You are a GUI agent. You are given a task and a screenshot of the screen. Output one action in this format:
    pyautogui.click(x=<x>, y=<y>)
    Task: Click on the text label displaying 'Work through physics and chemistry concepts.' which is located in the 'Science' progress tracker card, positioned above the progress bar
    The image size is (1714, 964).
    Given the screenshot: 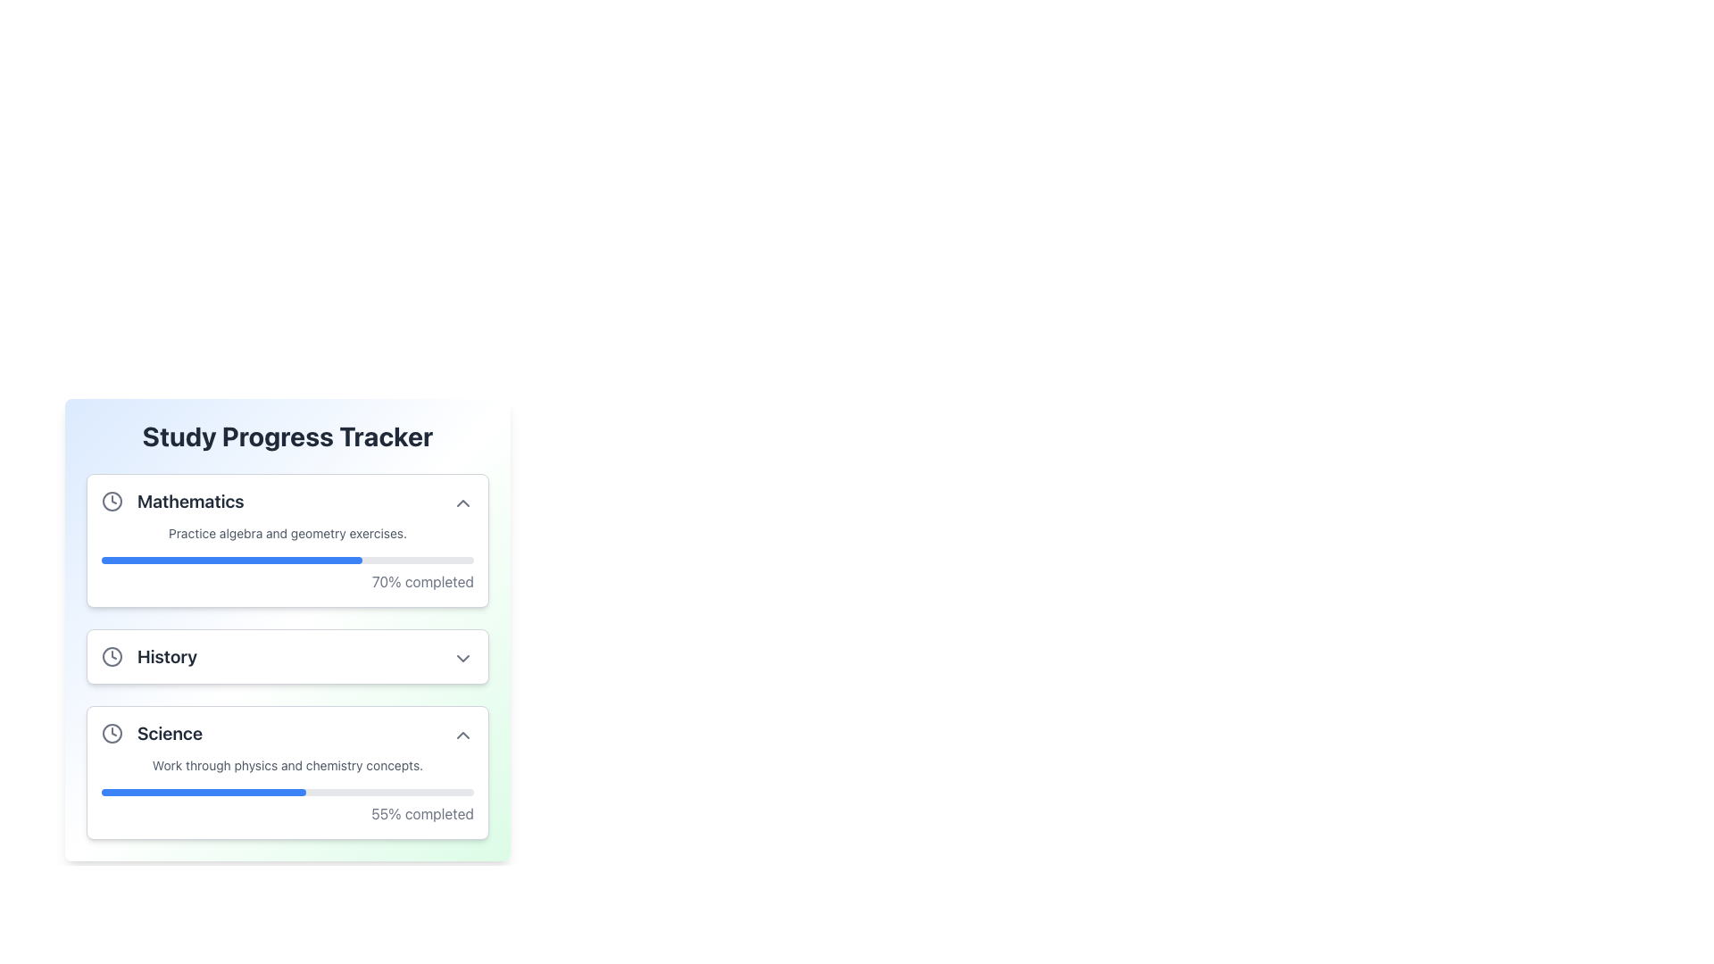 What is the action you would take?
    pyautogui.click(x=287, y=764)
    